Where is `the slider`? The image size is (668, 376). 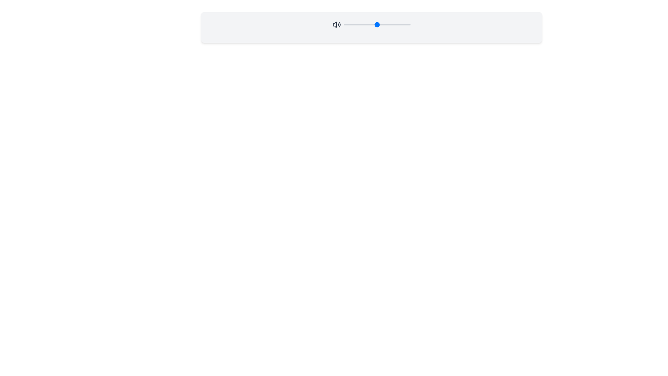
the slider is located at coordinates (375, 24).